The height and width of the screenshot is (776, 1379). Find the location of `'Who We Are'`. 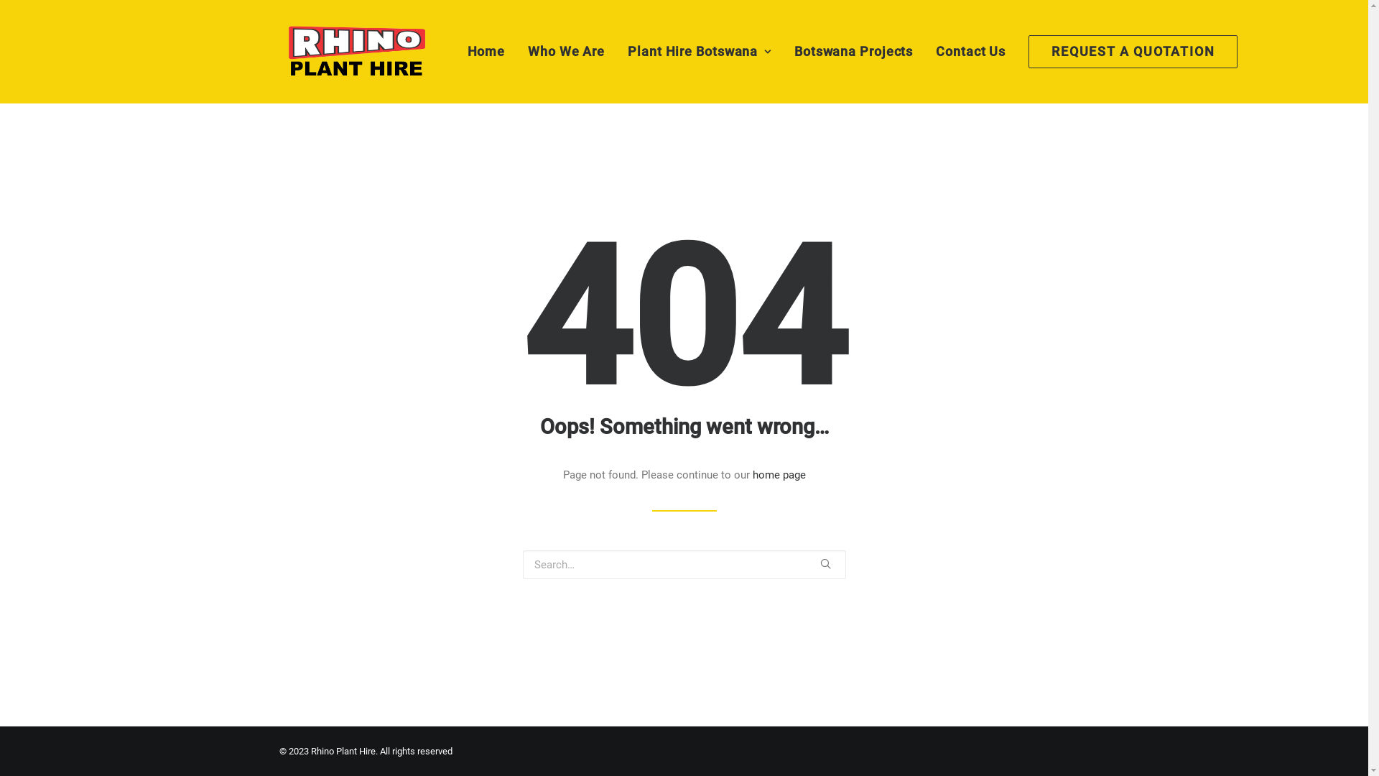

'Who We Are' is located at coordinates (565, 51).